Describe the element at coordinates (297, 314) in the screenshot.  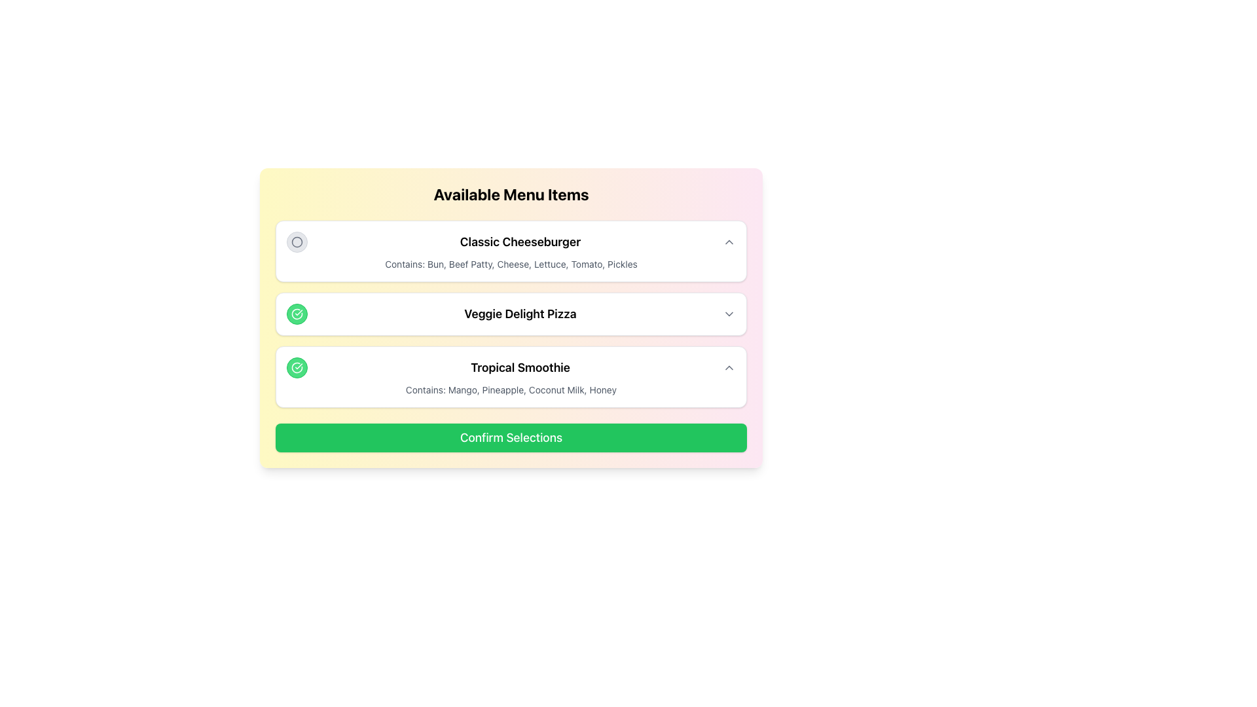
I see `the small circular button with a green background and white checkmark icon that is located to the left of the 'Veggie Delight Pizza' text in the menu list` at that location.